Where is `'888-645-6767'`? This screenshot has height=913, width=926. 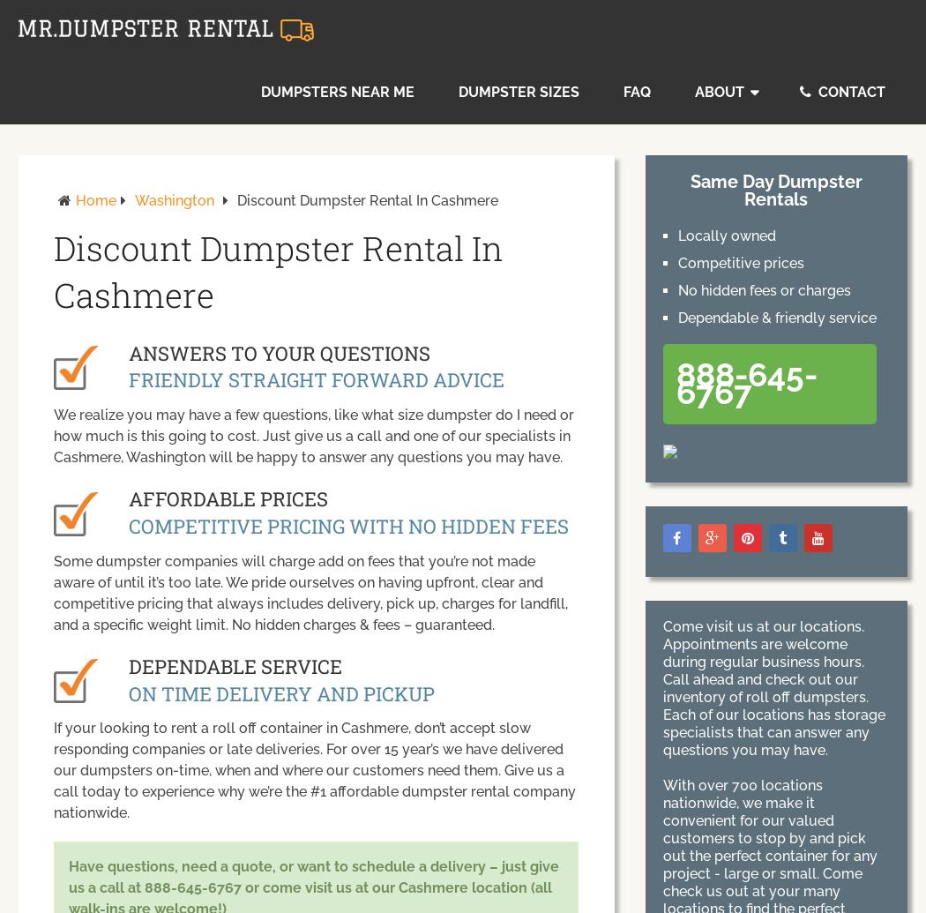 '888-645-6767' is located at coordinates (675, 384).